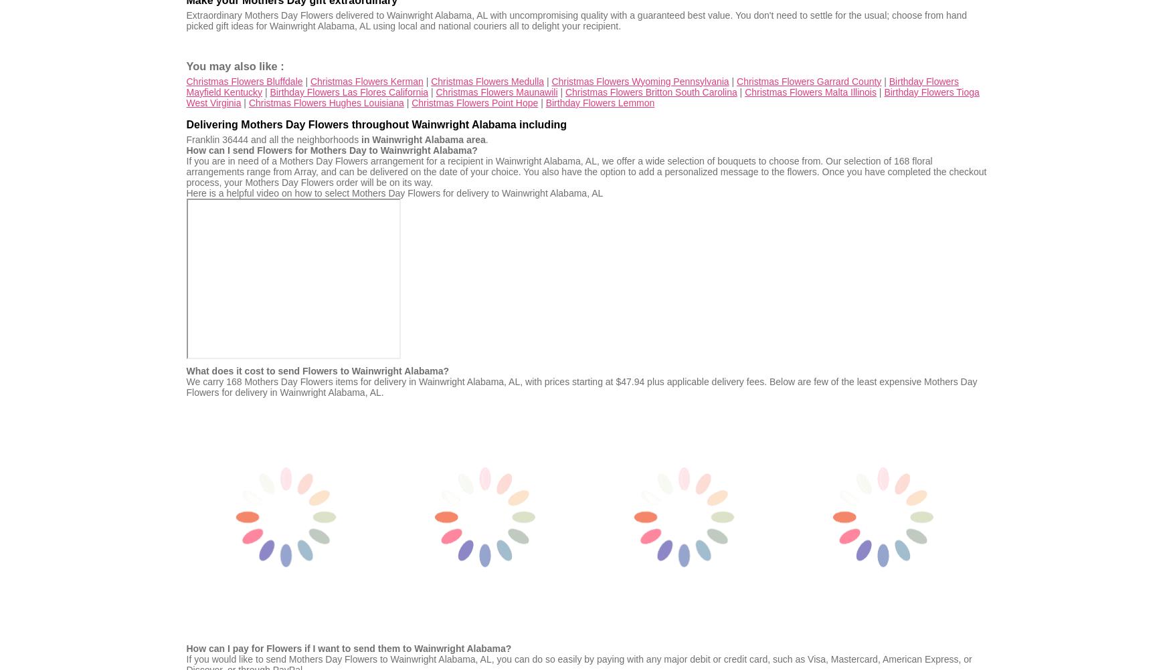 This screenshot has height=670, width=1171. Describe the element at coordinates (348, 90) in the screenshot. I see `'Birthday Flowers Las Flores California'` at that location.